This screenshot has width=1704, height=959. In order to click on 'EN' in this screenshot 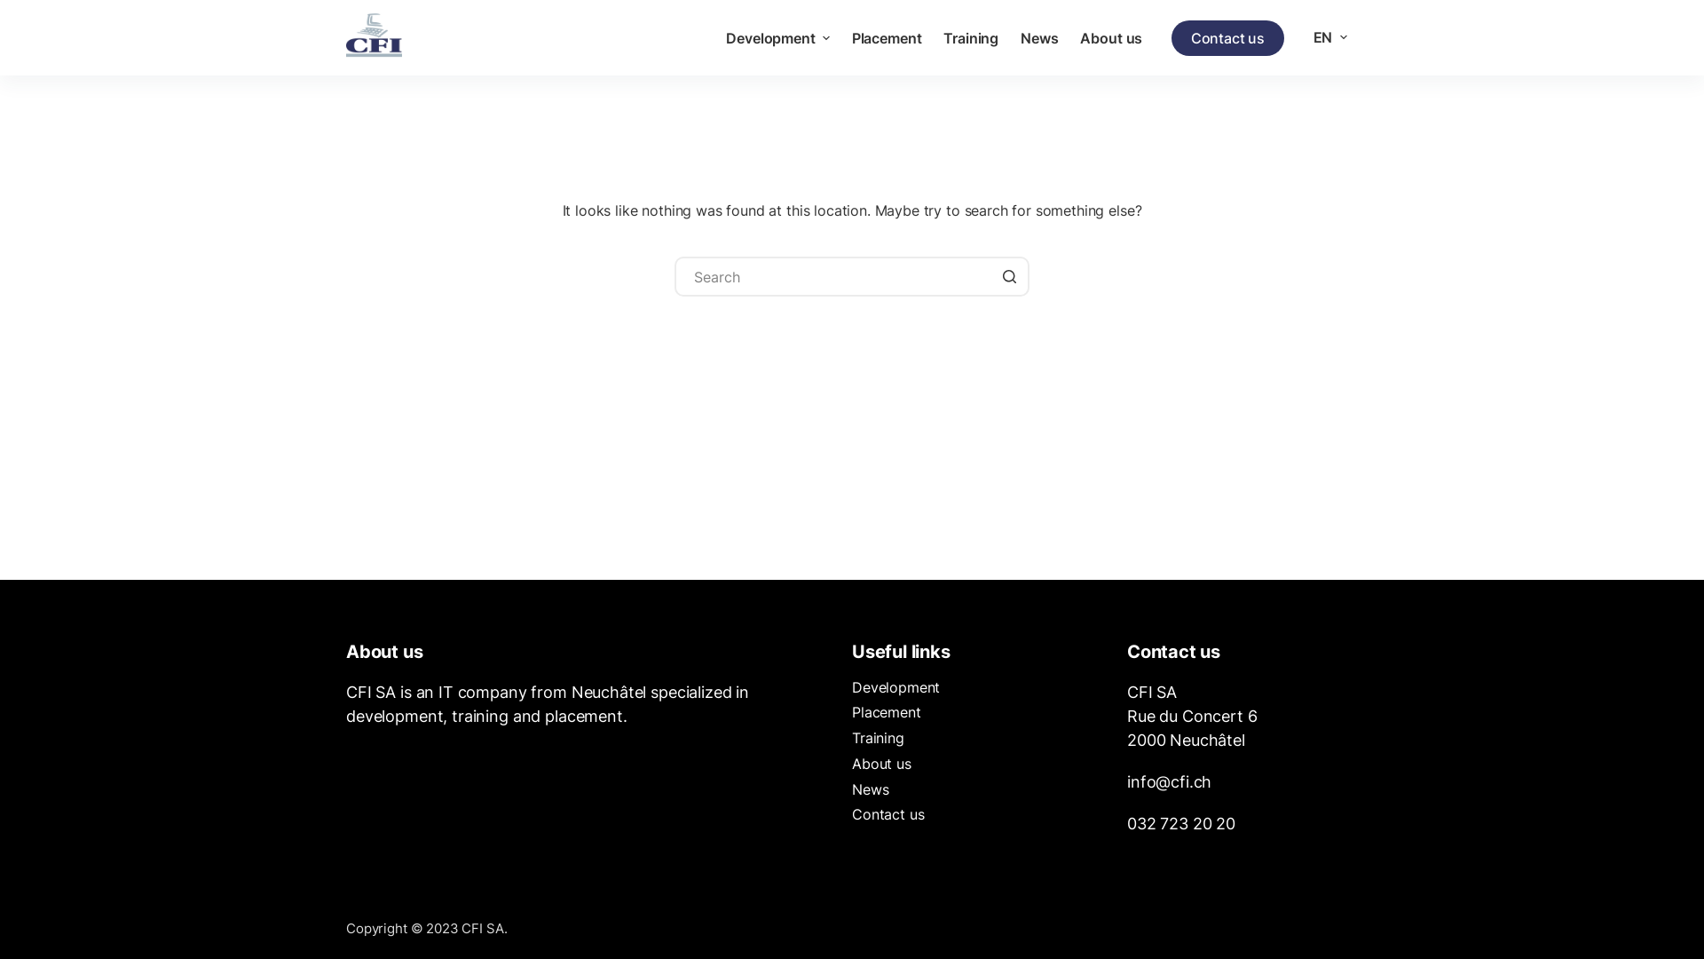, I will do `click(1329, 37)`.